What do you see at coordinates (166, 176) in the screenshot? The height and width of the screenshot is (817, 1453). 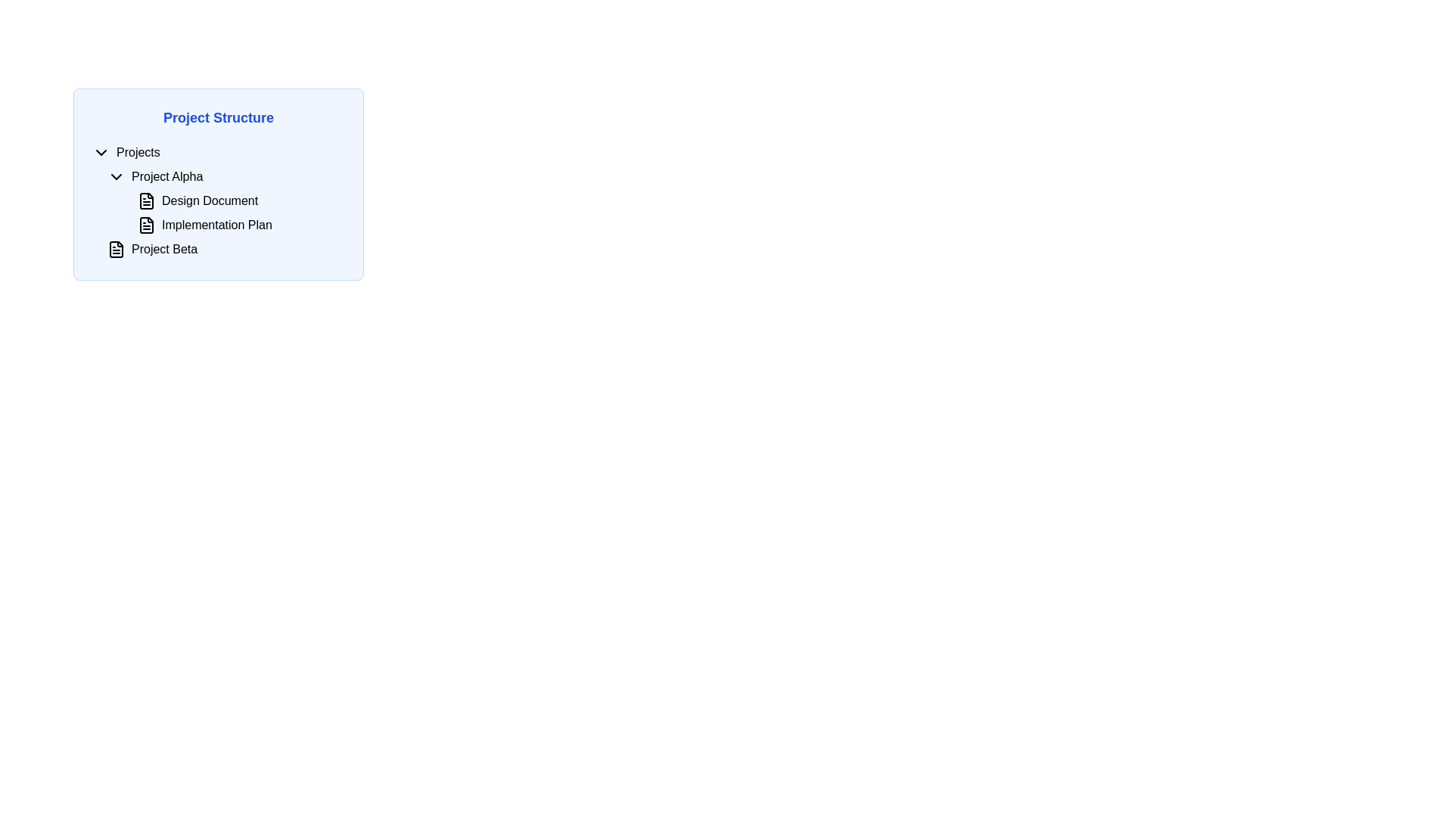 I see `to select the 'Project Alpha' label, which is positioned under the 'Projects' heading in the second nesting level of the project tree` at bounding box center [166, 176].